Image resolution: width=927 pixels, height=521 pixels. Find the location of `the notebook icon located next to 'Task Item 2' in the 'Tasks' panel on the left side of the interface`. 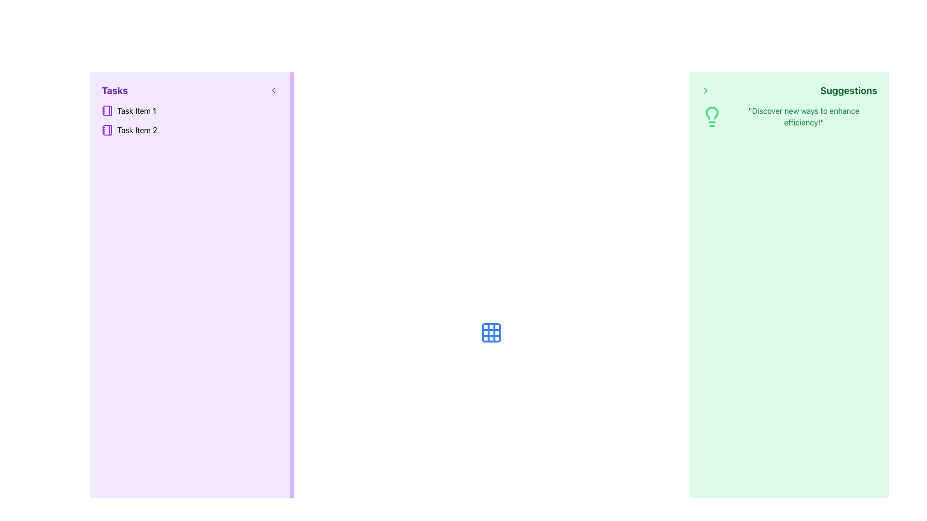

the notebook icon located next to 'Task Item 2' in the 'Tasks' panel on the left side of the interface is located at coordinates (107, 130).